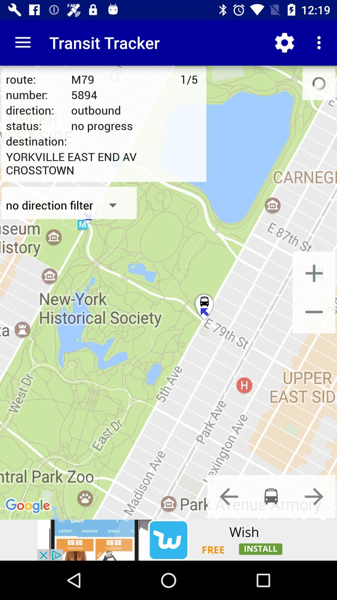  What do you see at coordinates (314, 273) in the screenshot?
I see `the add icon` at bounding box center [314, 273].